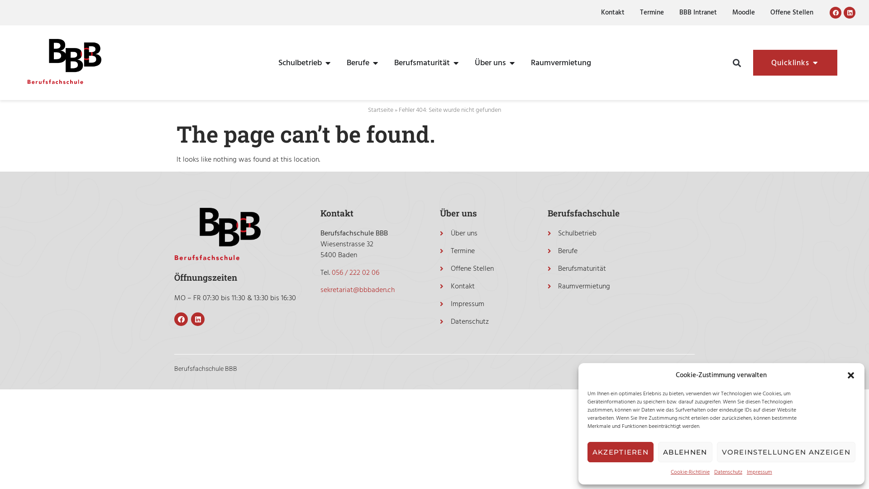 The image size is (869, 489). What do you see at coordinates (358, 62) in the screenshot?
I see `'Berufe'` at bounding box center [358, 62].